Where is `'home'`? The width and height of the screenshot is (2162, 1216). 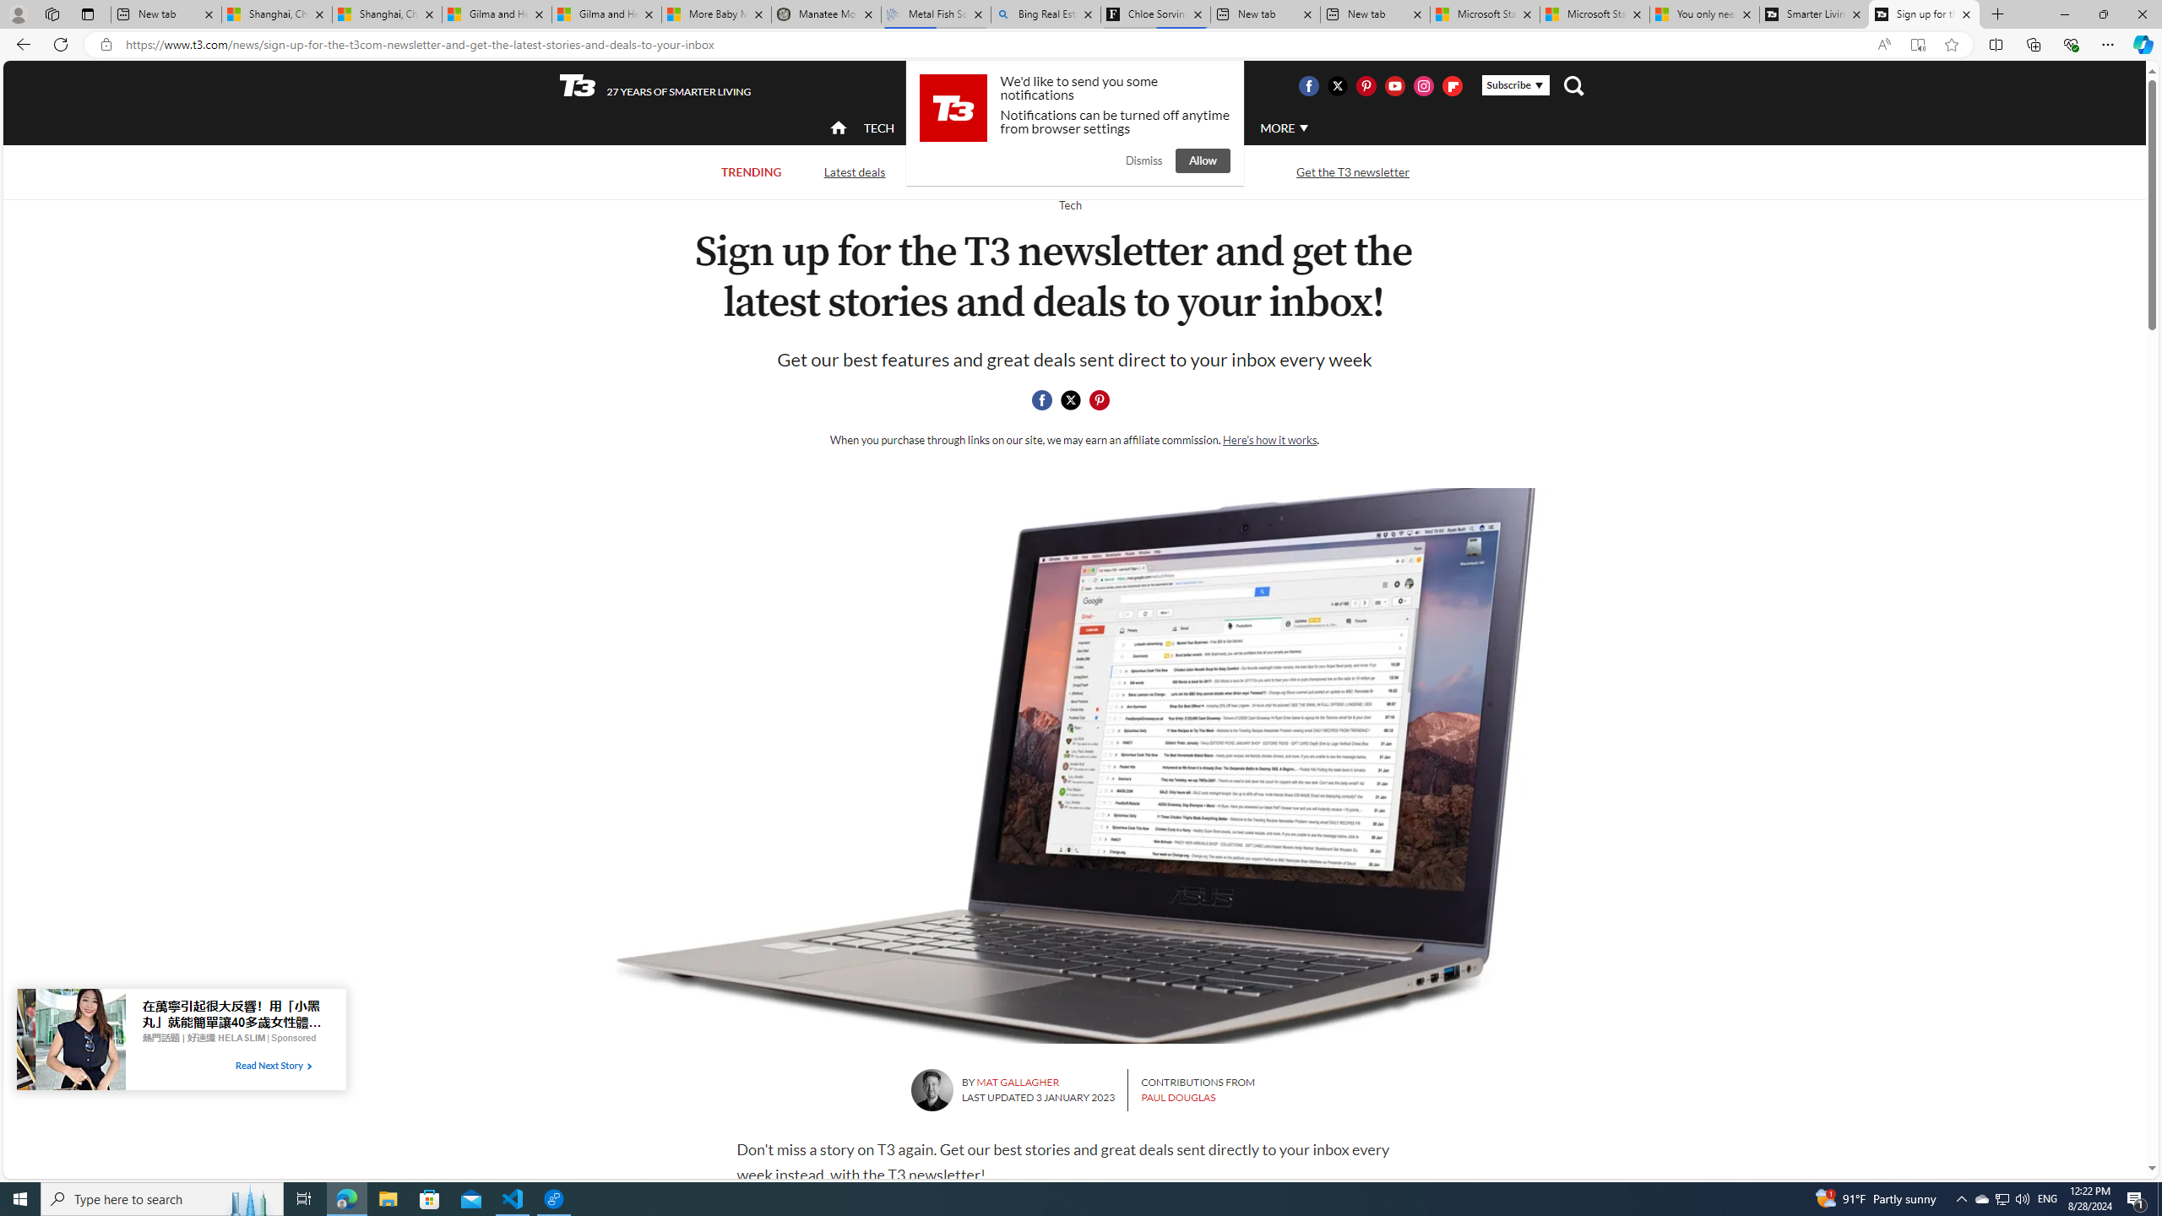
'home' is located at coordinates (838, 129).